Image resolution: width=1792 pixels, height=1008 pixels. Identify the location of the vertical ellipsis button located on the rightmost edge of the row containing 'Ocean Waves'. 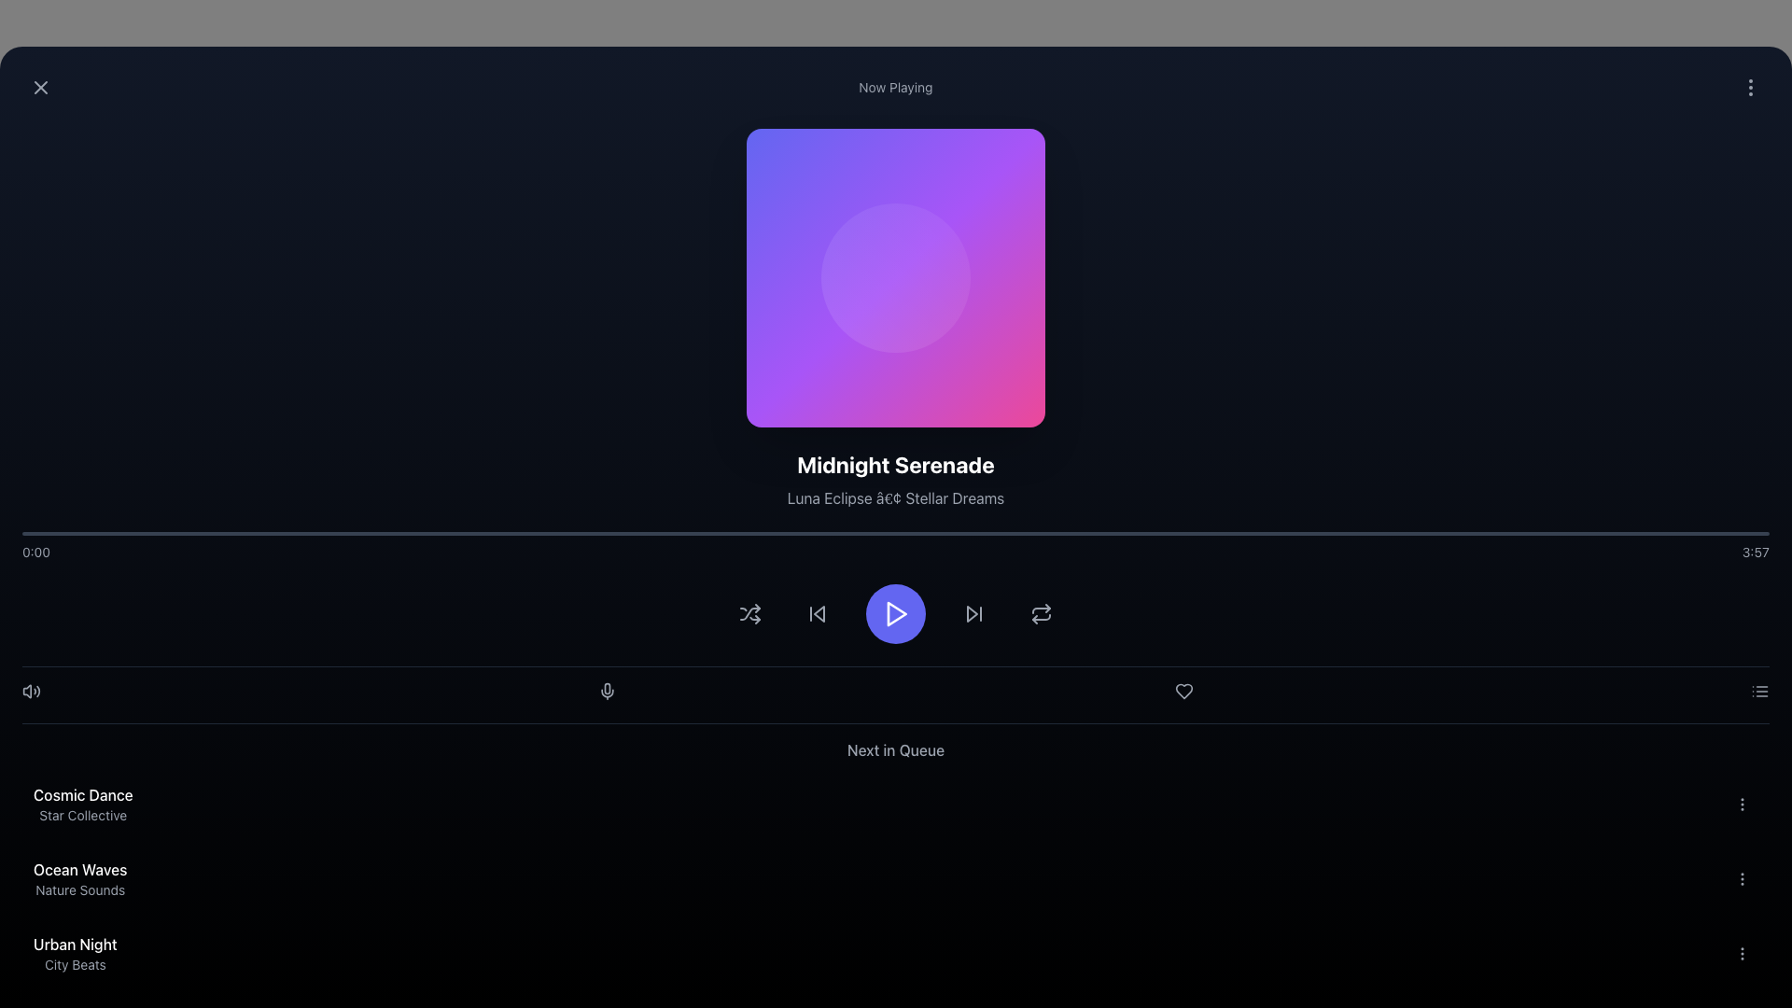
(1742, 878).